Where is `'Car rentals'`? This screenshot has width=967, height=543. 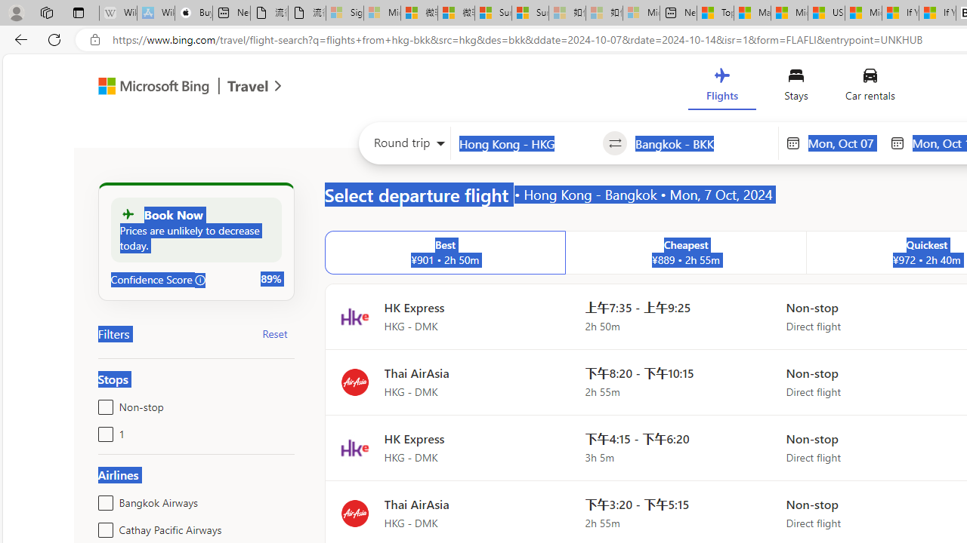 'Car rentals' is located at coordinates (870, 88).